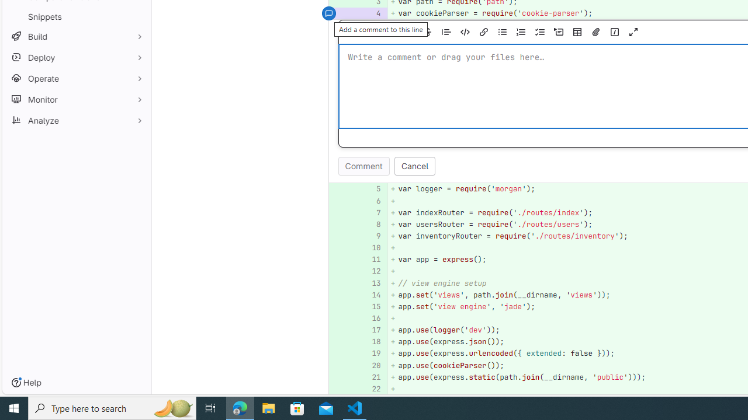 The width and height of the screenshot is (748, 420). Describe the element at coordinates (372, 306) in the screenshot. I see `'15'` at that location.